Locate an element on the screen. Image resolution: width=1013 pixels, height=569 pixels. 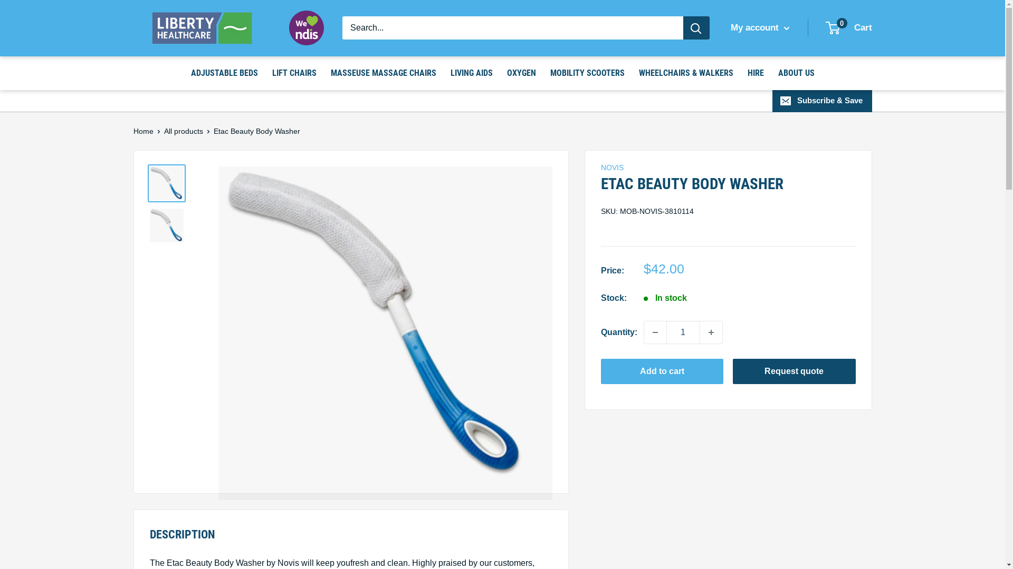
'HIRE' is located at coordinates (747, 72).